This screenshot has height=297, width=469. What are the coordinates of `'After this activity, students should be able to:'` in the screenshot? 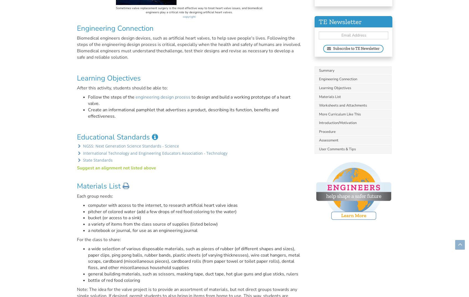 It's located at (122, 88).